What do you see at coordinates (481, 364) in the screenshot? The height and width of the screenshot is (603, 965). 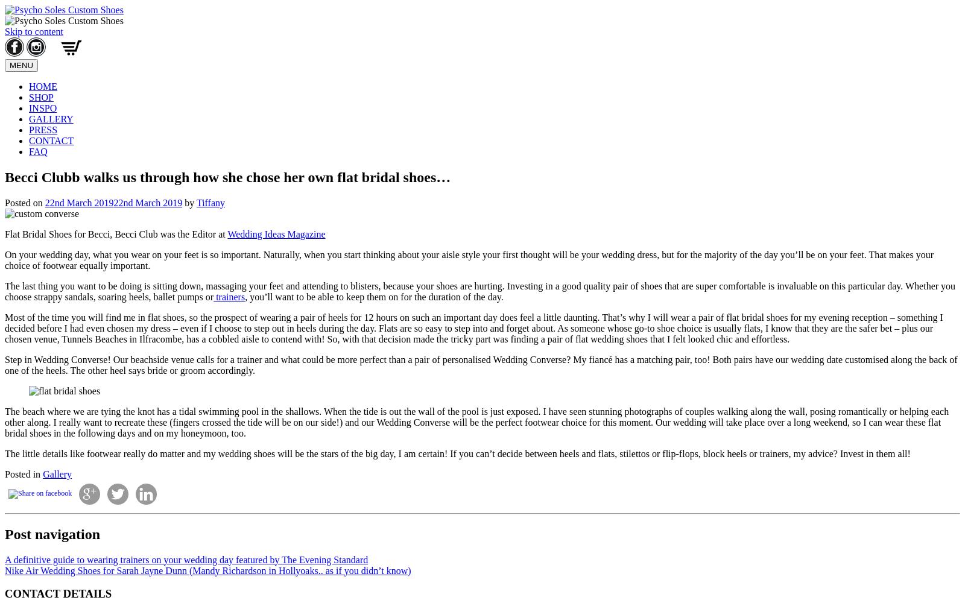 I see `'Step in Wedding Converse! Our beachside venue calls for a trainer and what could be more perfect than a pair of personalised Wedding Converse? My fiancé has a matching pair, too! Both pairs have our wedding date customised along the back of one of the heels. The other heel says bride or groom accordingly.'` at bounding box center [481, 364].